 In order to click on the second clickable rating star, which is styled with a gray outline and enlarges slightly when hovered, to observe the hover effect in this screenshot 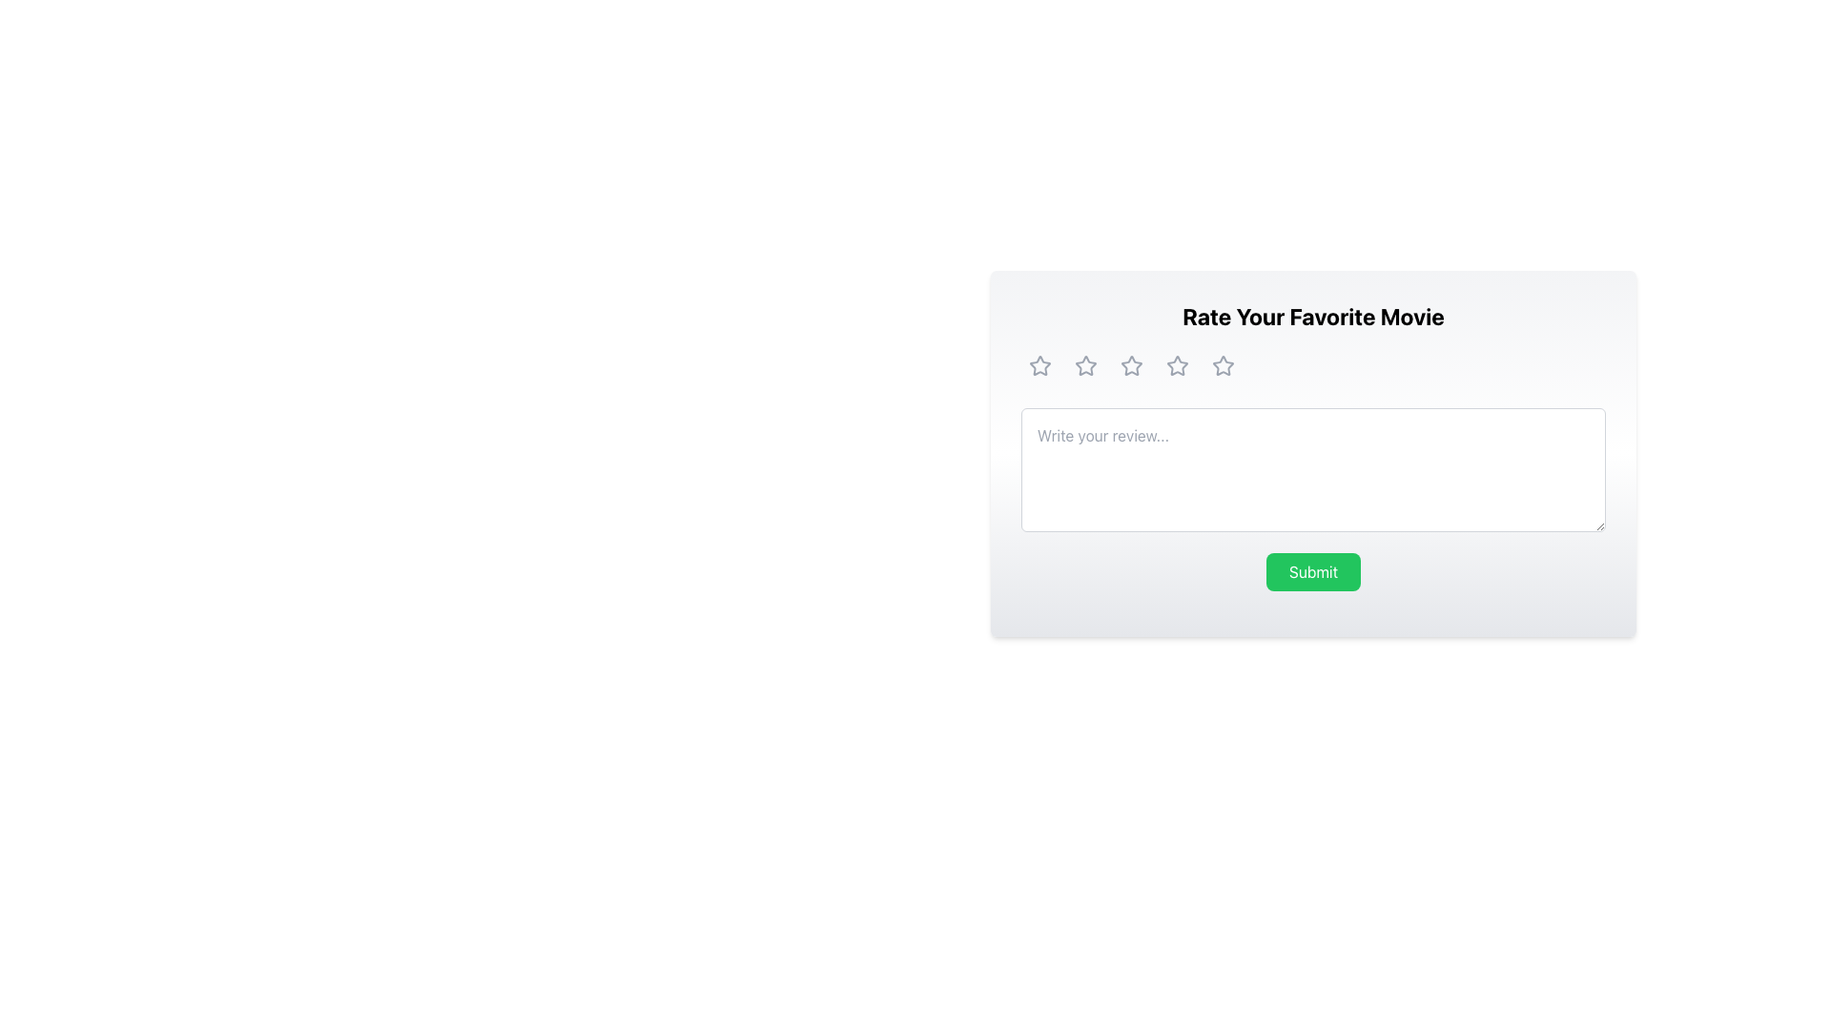, I will do `click(1085, 366)`.